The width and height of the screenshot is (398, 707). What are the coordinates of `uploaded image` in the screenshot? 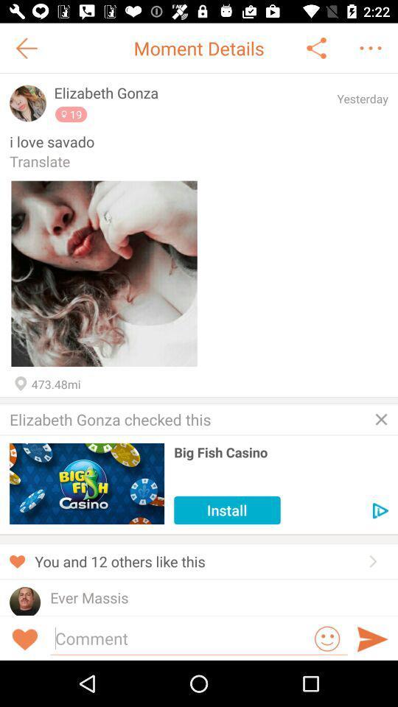 It's located at (103, 272).